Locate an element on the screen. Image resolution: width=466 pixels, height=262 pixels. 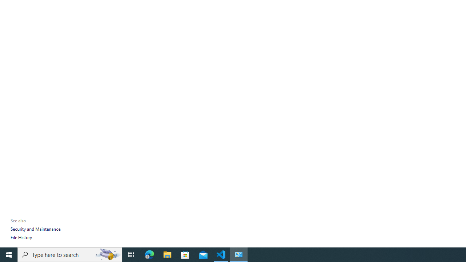
'Task View' is located at coordinates (131, 254).